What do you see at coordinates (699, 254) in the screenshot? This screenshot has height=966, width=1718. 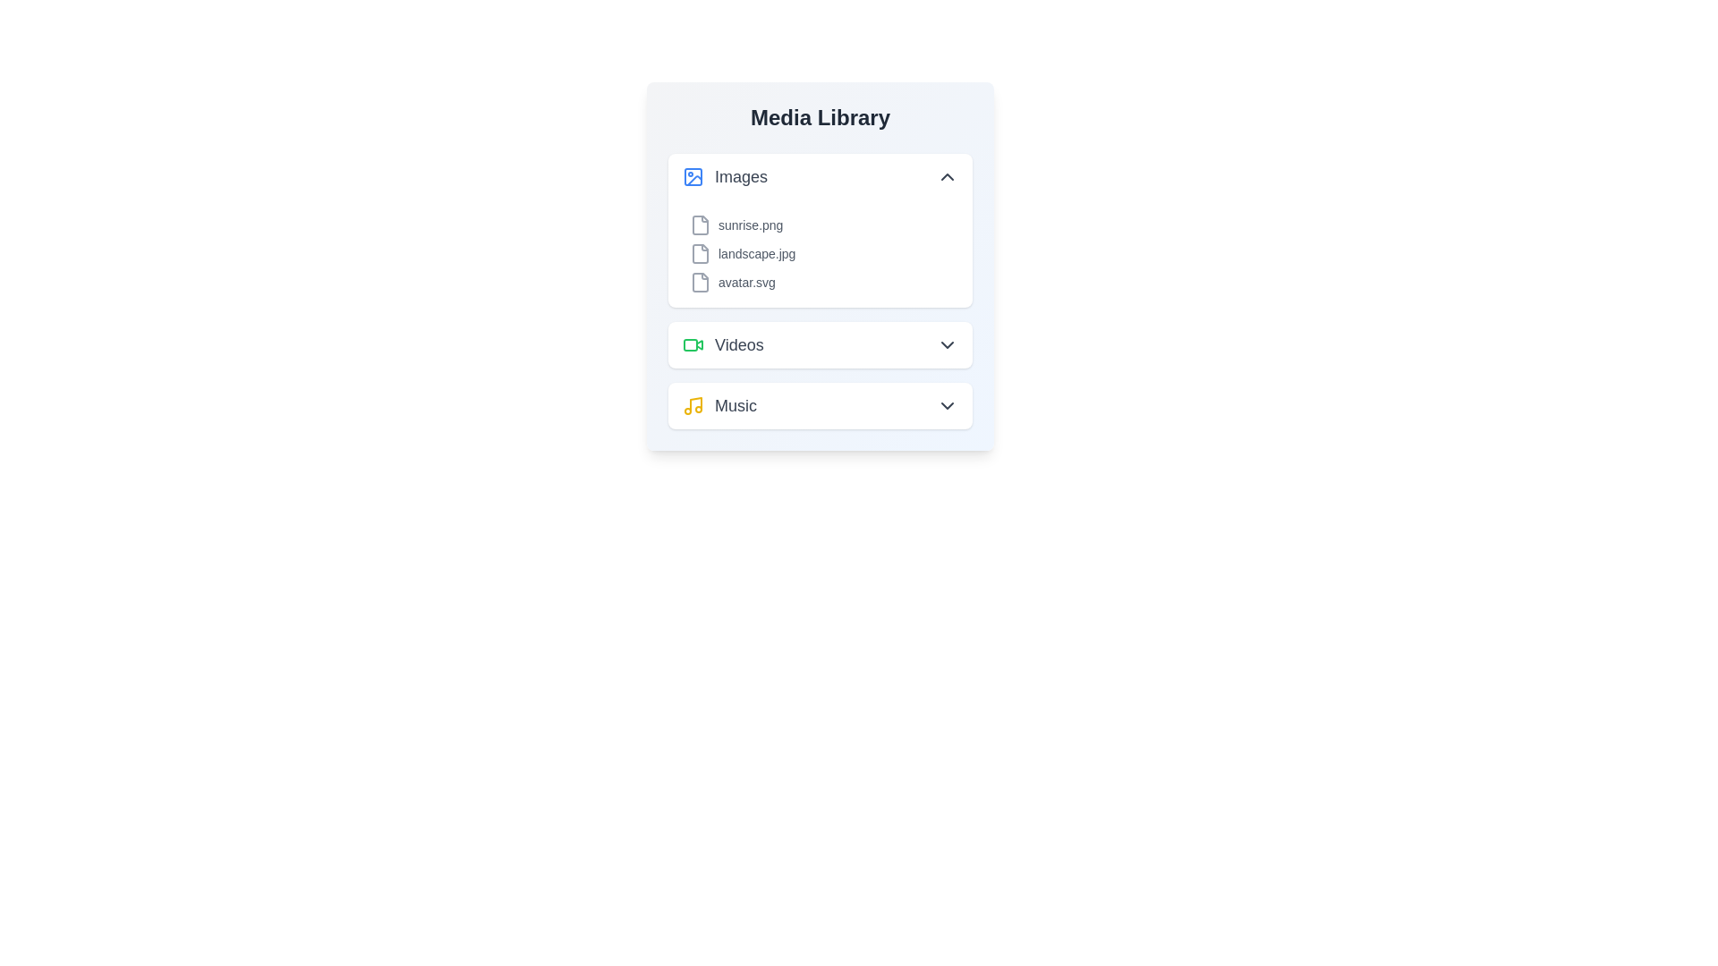 I see `the document icon, which is a gray rectangle with a folded top-right corner, located` at bounding box center [699, 254].